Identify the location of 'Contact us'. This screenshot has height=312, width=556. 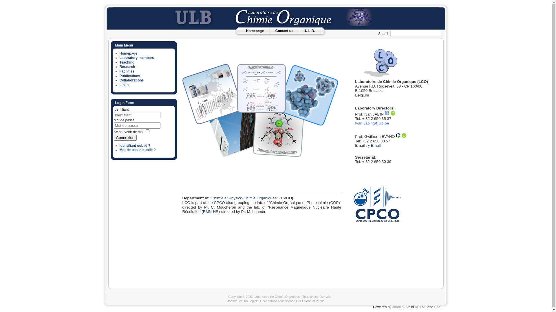
(284, 31).